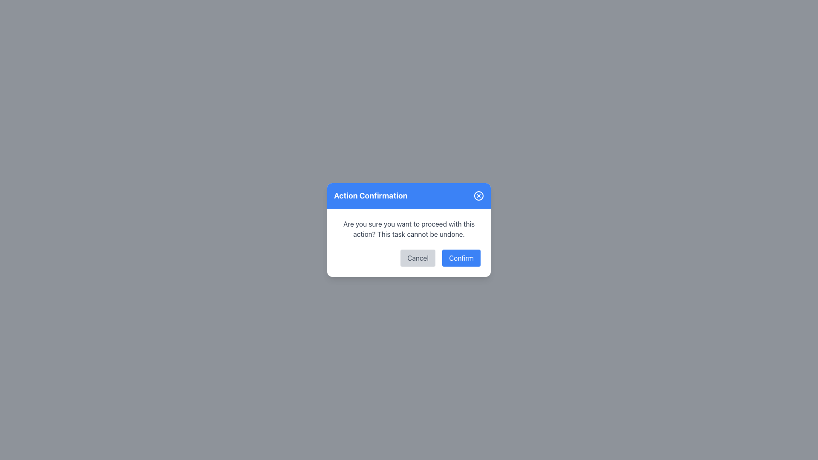  Describe the element at coordinates (409, 243) in the screenshot. I see `the 'Cancel' button on the Confirmation Box that prompts the user for acknowledgment before proceeding with an irreversible action` at that location.